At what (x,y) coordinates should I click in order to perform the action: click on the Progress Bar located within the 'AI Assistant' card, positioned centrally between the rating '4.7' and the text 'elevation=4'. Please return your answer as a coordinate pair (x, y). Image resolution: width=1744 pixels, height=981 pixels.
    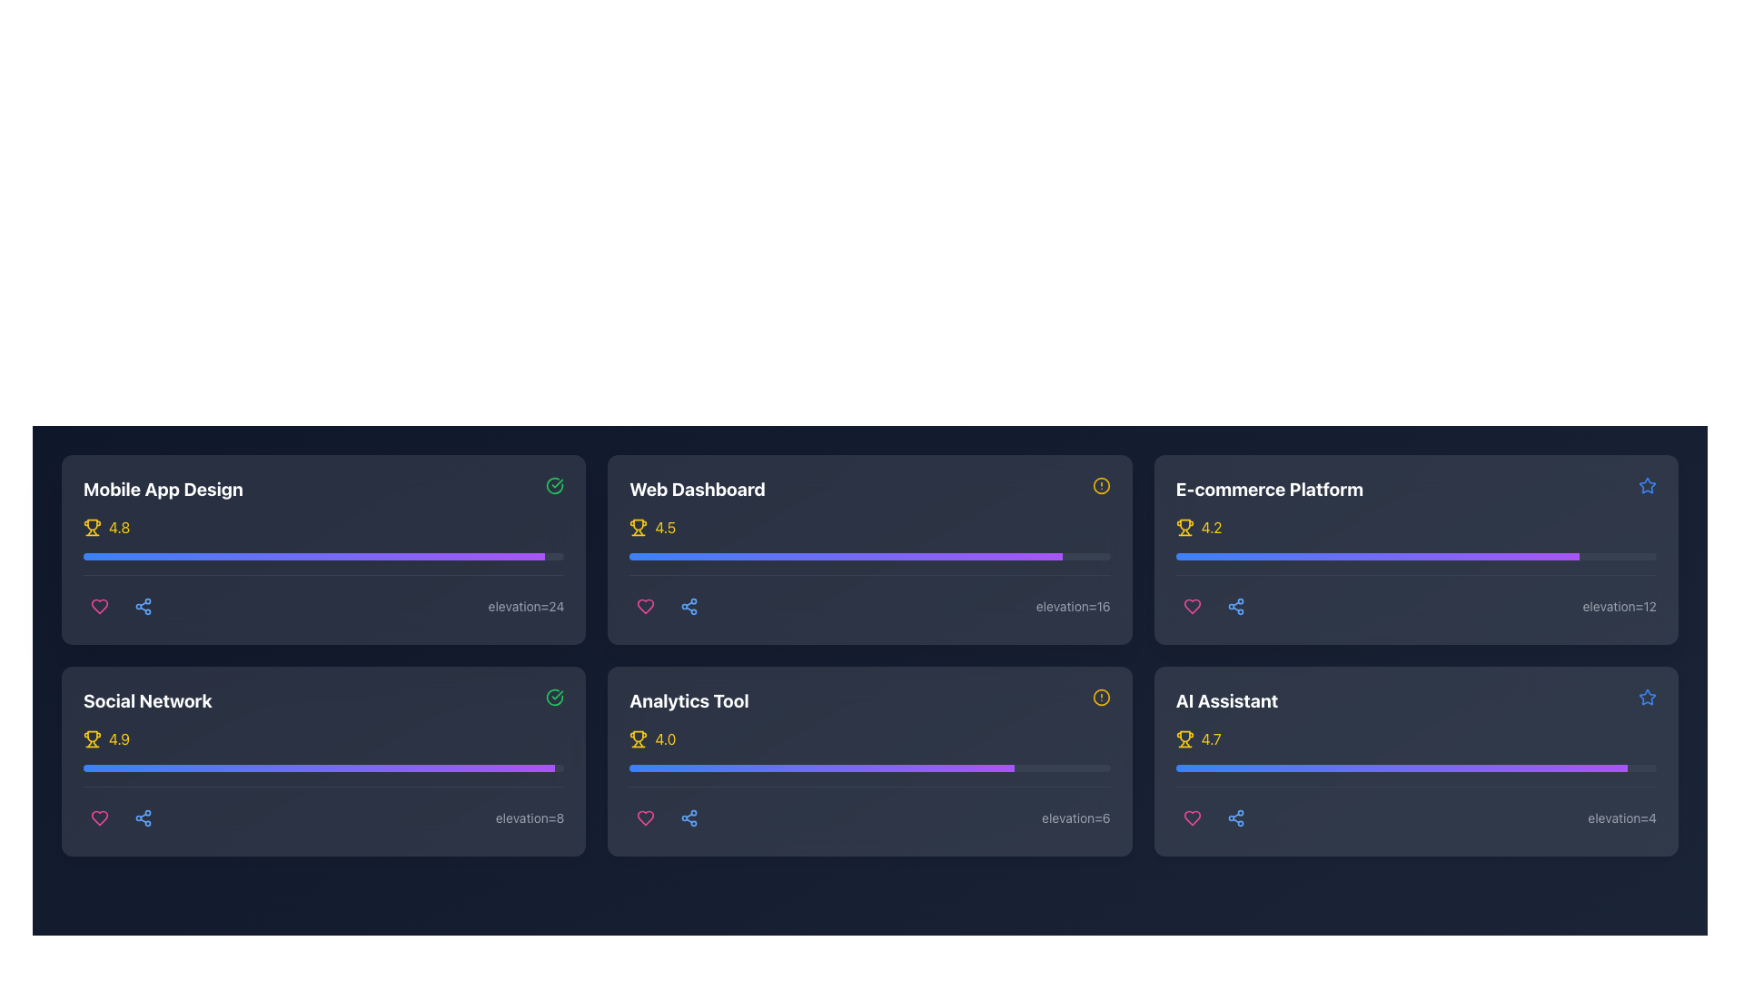
    Looking at the image, I should click on (1415, 780).